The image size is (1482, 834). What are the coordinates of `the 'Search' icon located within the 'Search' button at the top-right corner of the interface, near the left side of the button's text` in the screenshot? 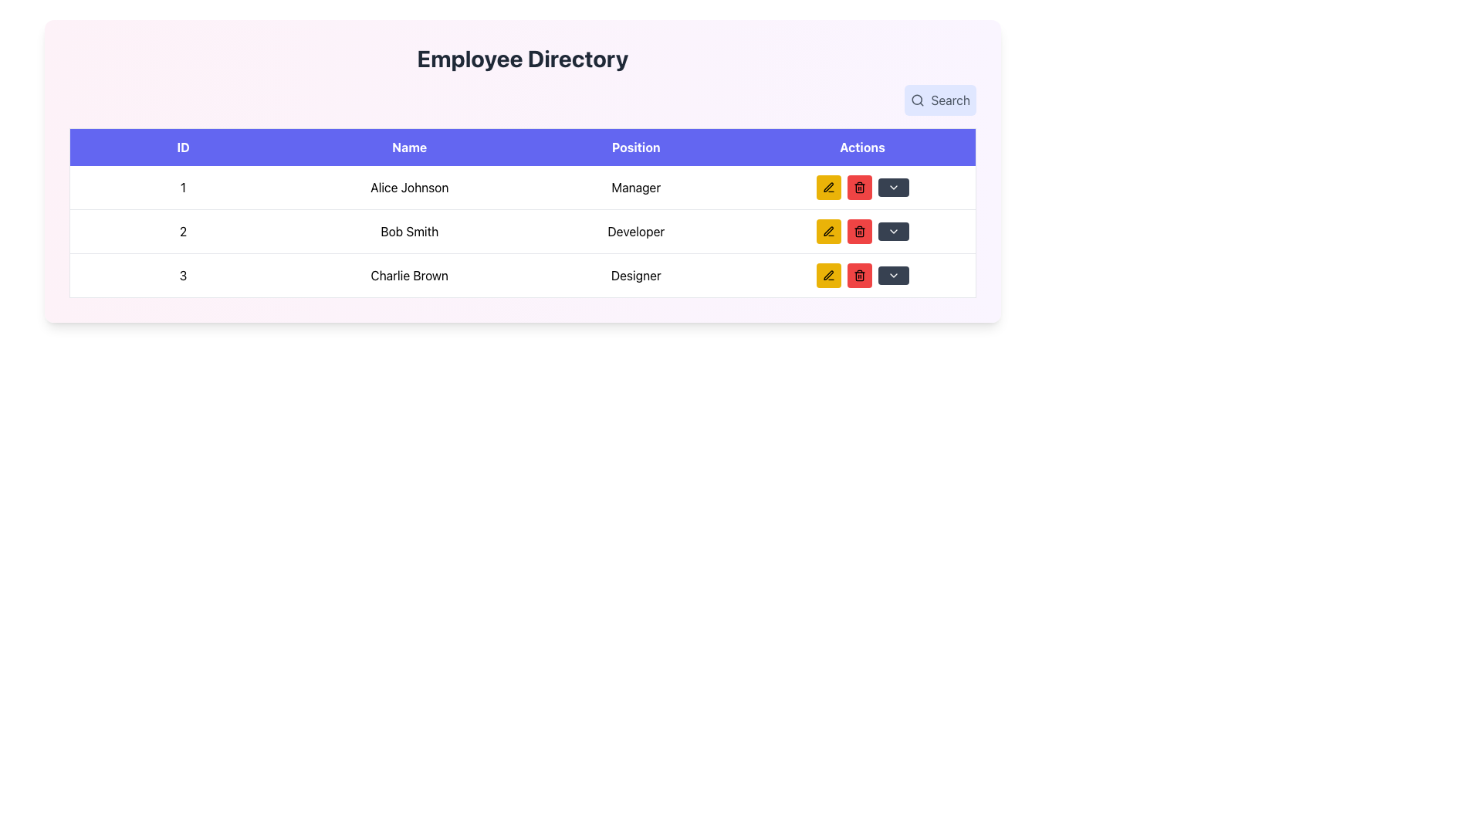 It's located at (918, 100).